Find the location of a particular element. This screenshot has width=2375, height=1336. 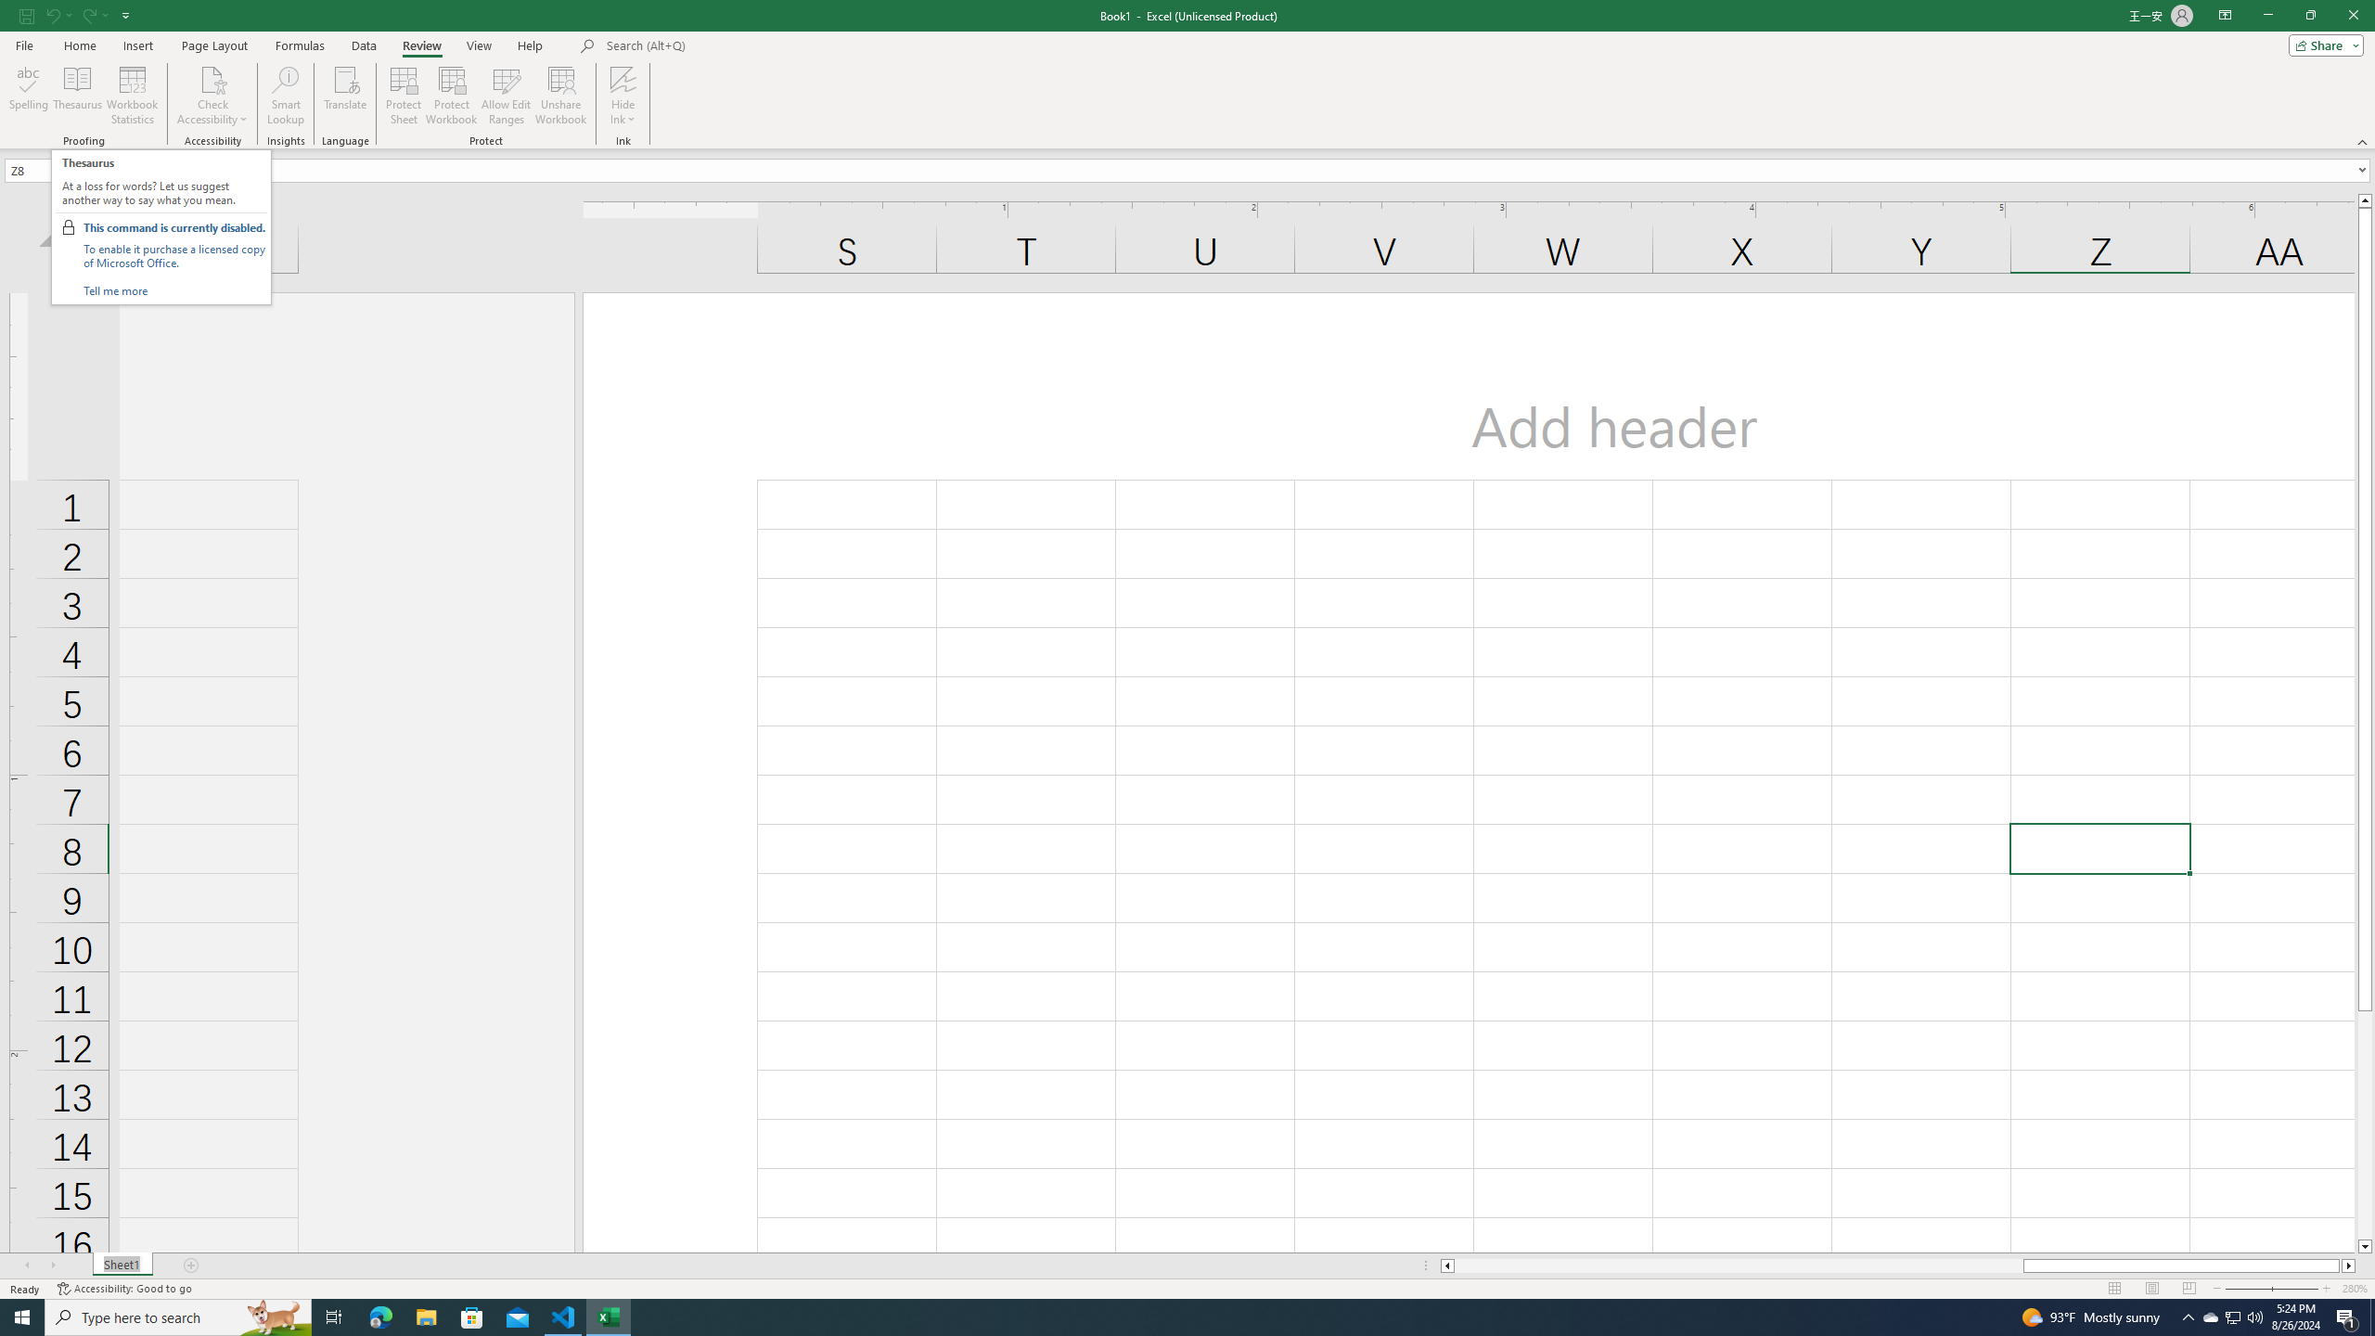

'Protect Sheet...' is located at coordinates (404, 96).